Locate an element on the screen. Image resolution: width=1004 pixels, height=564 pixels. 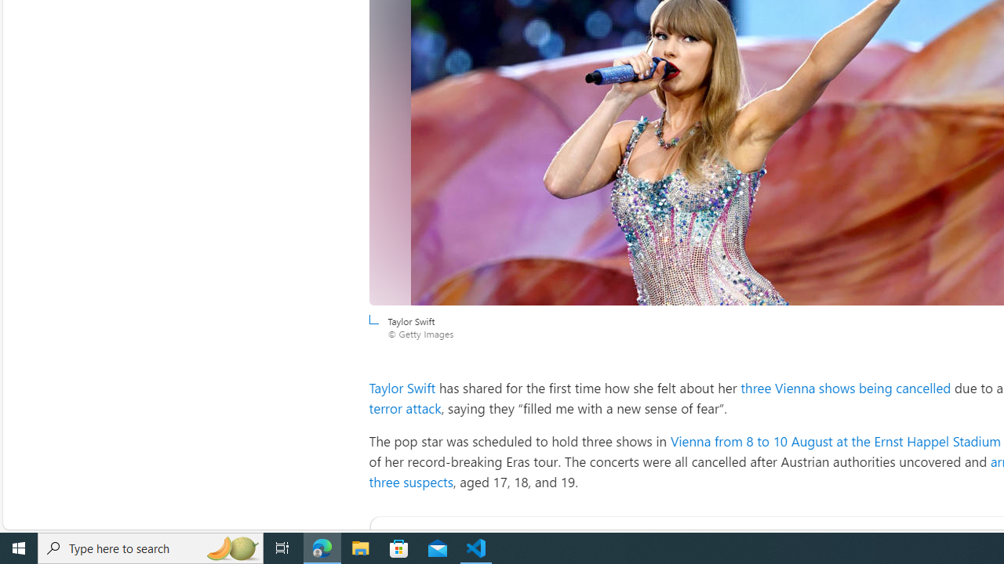
'Vienna from 8 to 10 August at the Ernst Happel Stadium' is located at coordinates (834, 441).